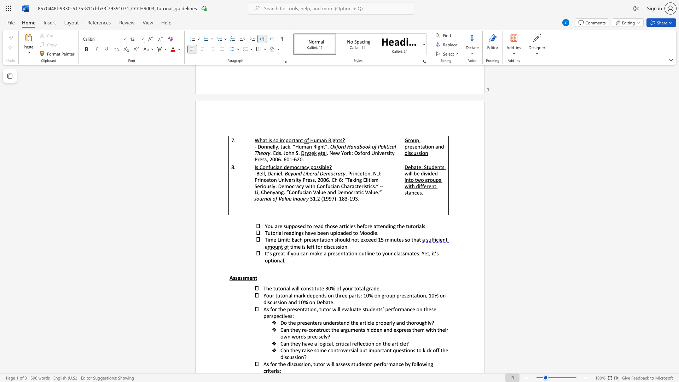 The width and height of the screenshot is (679, 382). I want to click on the subset text "reat if you can make a presentation outl" within the text "great if you can make a presentation outline to your classmates. Yet,", so click(275, 253).